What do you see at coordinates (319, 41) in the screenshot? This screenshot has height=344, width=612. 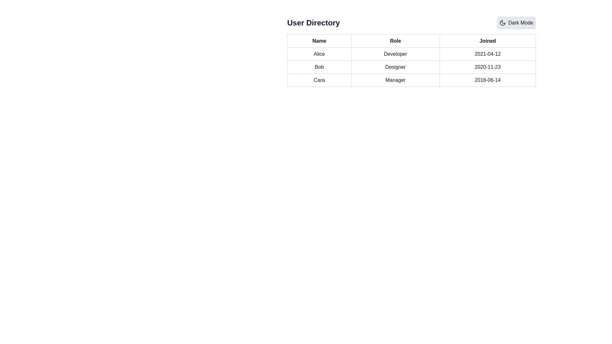 I see `the 'Name' column header cell in the table` at bounding box center [319, 41].